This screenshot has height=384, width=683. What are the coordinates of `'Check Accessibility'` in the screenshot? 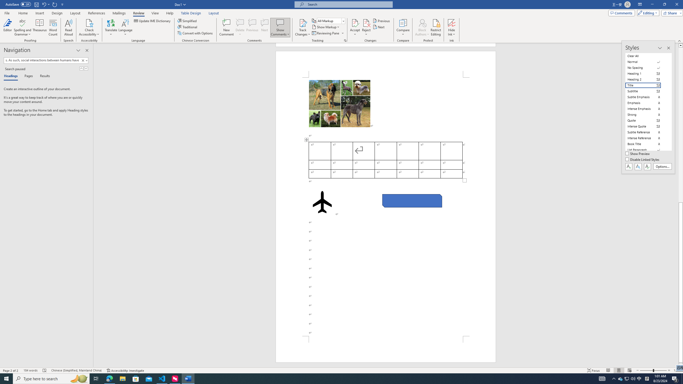 It's located at (89, 22).